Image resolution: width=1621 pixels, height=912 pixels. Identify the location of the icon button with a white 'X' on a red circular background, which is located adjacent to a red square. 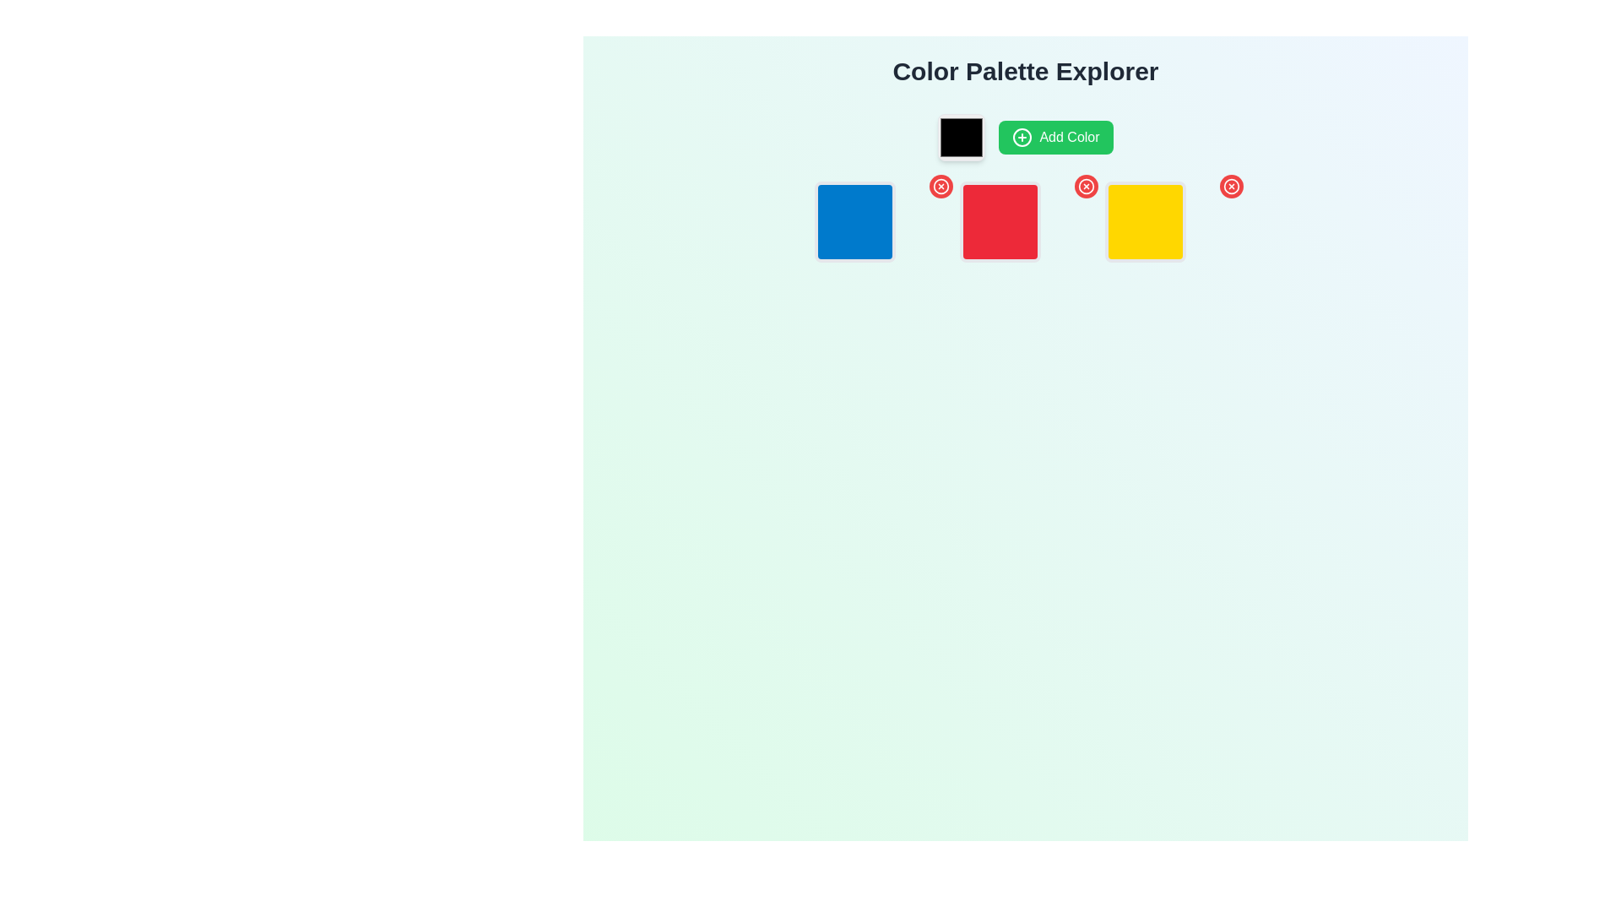
(1086, 186).